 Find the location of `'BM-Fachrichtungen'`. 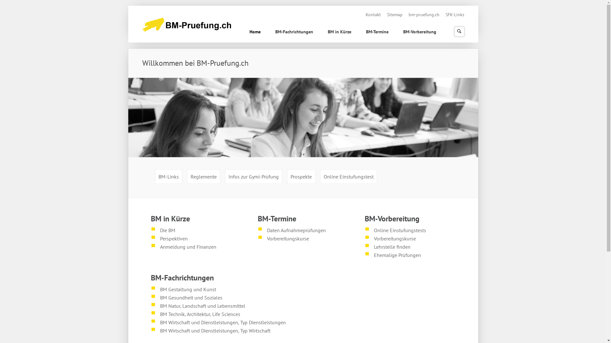

'BM-Fachrichtungen' is located at coordinates (270, 32).